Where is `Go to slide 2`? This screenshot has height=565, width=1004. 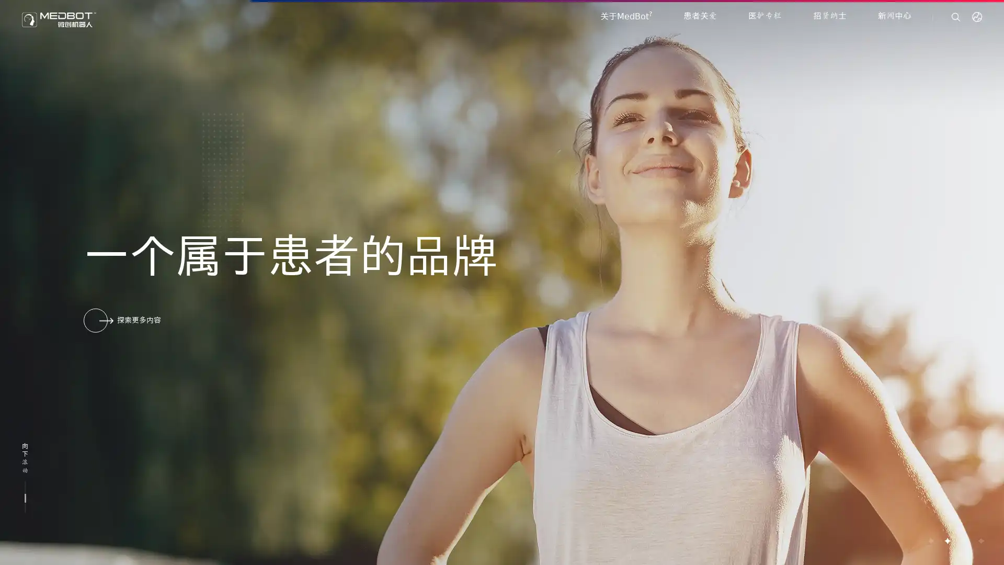
Go to slide 2 is located at coordinates (946, 540).